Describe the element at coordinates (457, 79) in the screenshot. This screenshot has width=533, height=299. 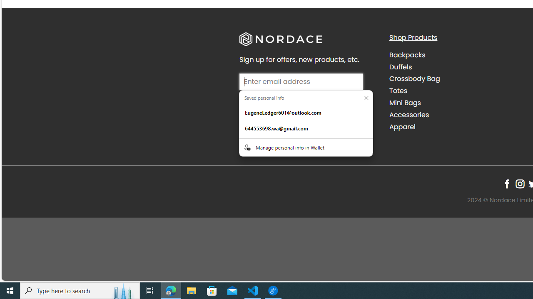
I see `'Crossbody Bag'` at that location.